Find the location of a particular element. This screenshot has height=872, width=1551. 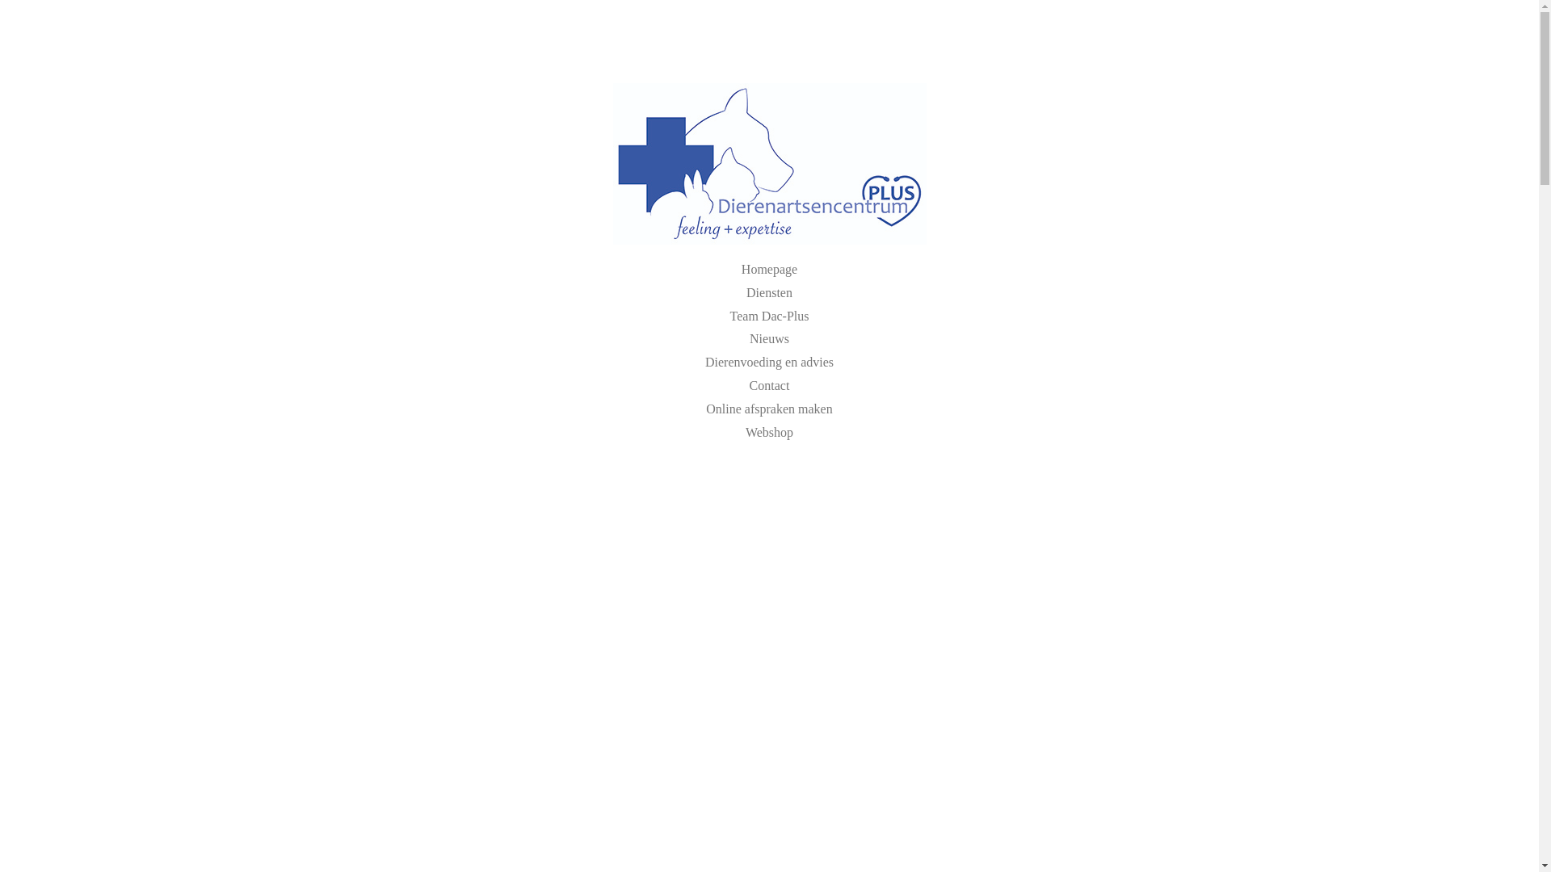

'Webshop' is located at coordinates (768, 431).